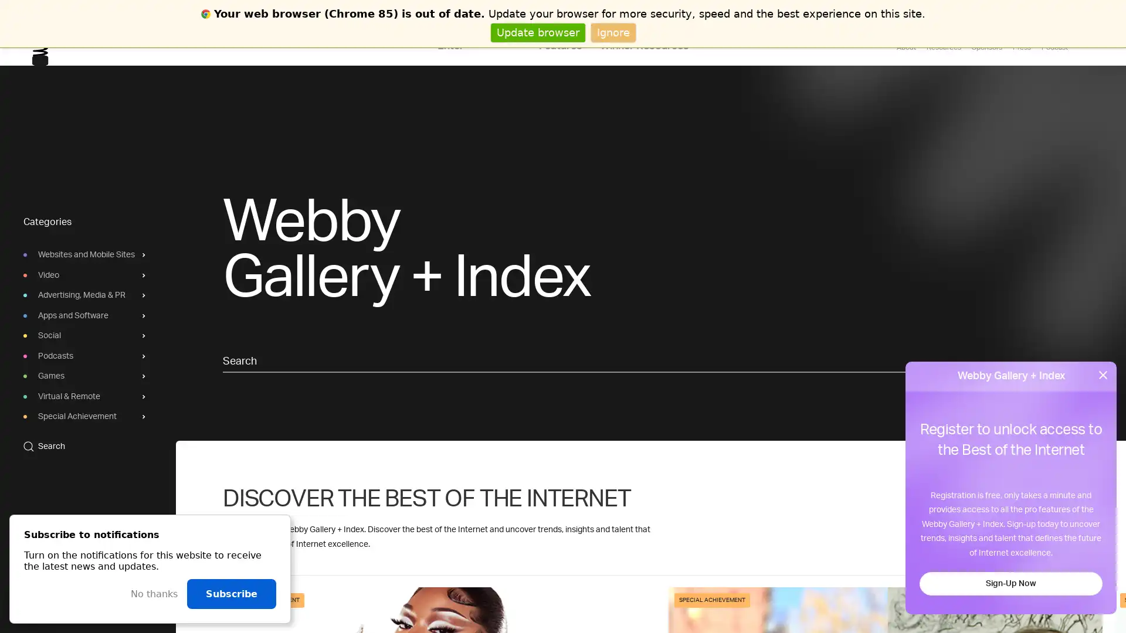  What do you see at coordinates (612, 32) in the screenshot?
I see `Ignore` at bounding box center [612, 32].